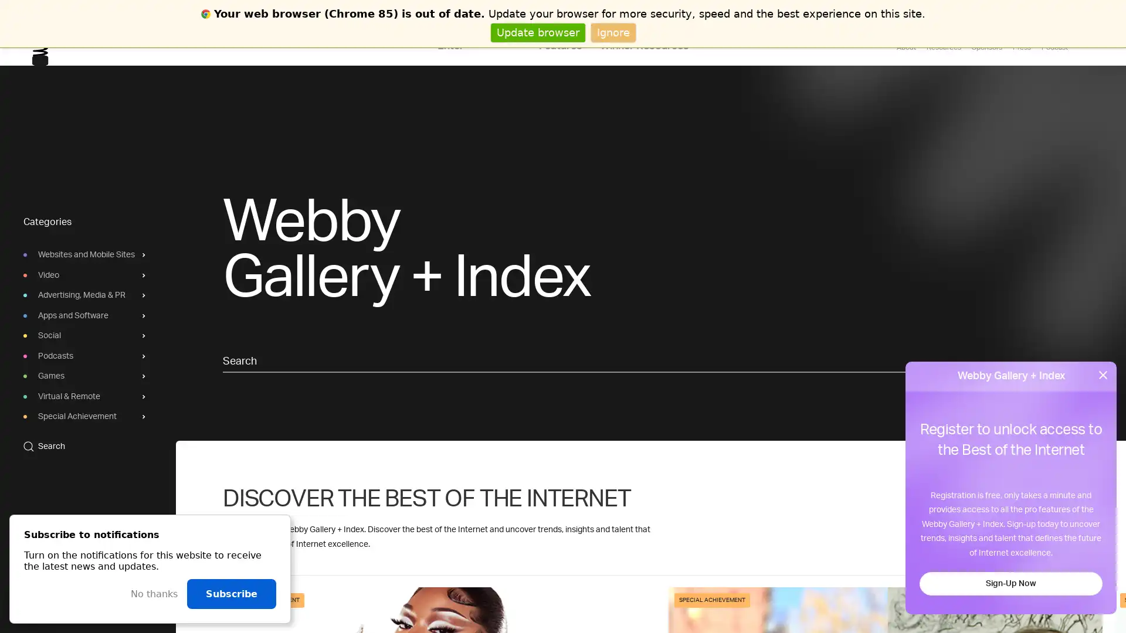  What do you see at coordinates (612, 32) in the screenshot?
I see `Ignore` at bounding box center [612, 32].